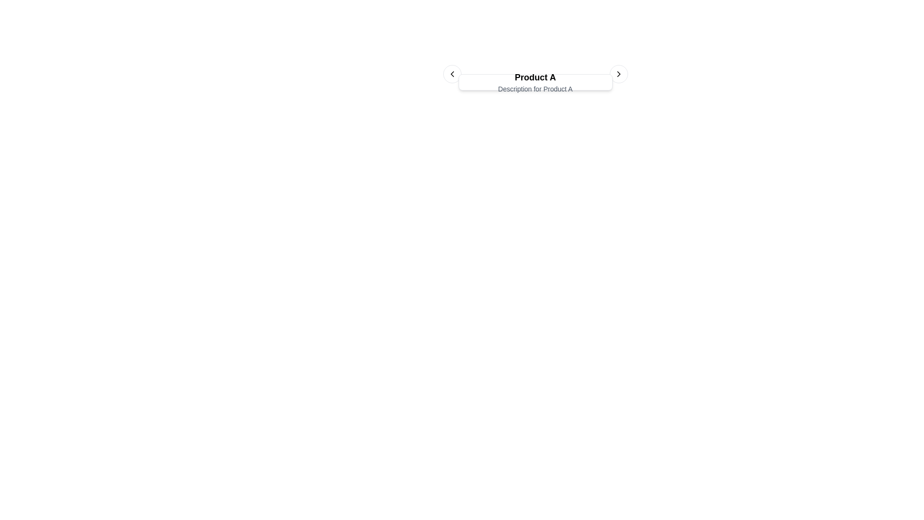  I want to click on the icon located at the far-right side of the product information component, so click(618, 74).